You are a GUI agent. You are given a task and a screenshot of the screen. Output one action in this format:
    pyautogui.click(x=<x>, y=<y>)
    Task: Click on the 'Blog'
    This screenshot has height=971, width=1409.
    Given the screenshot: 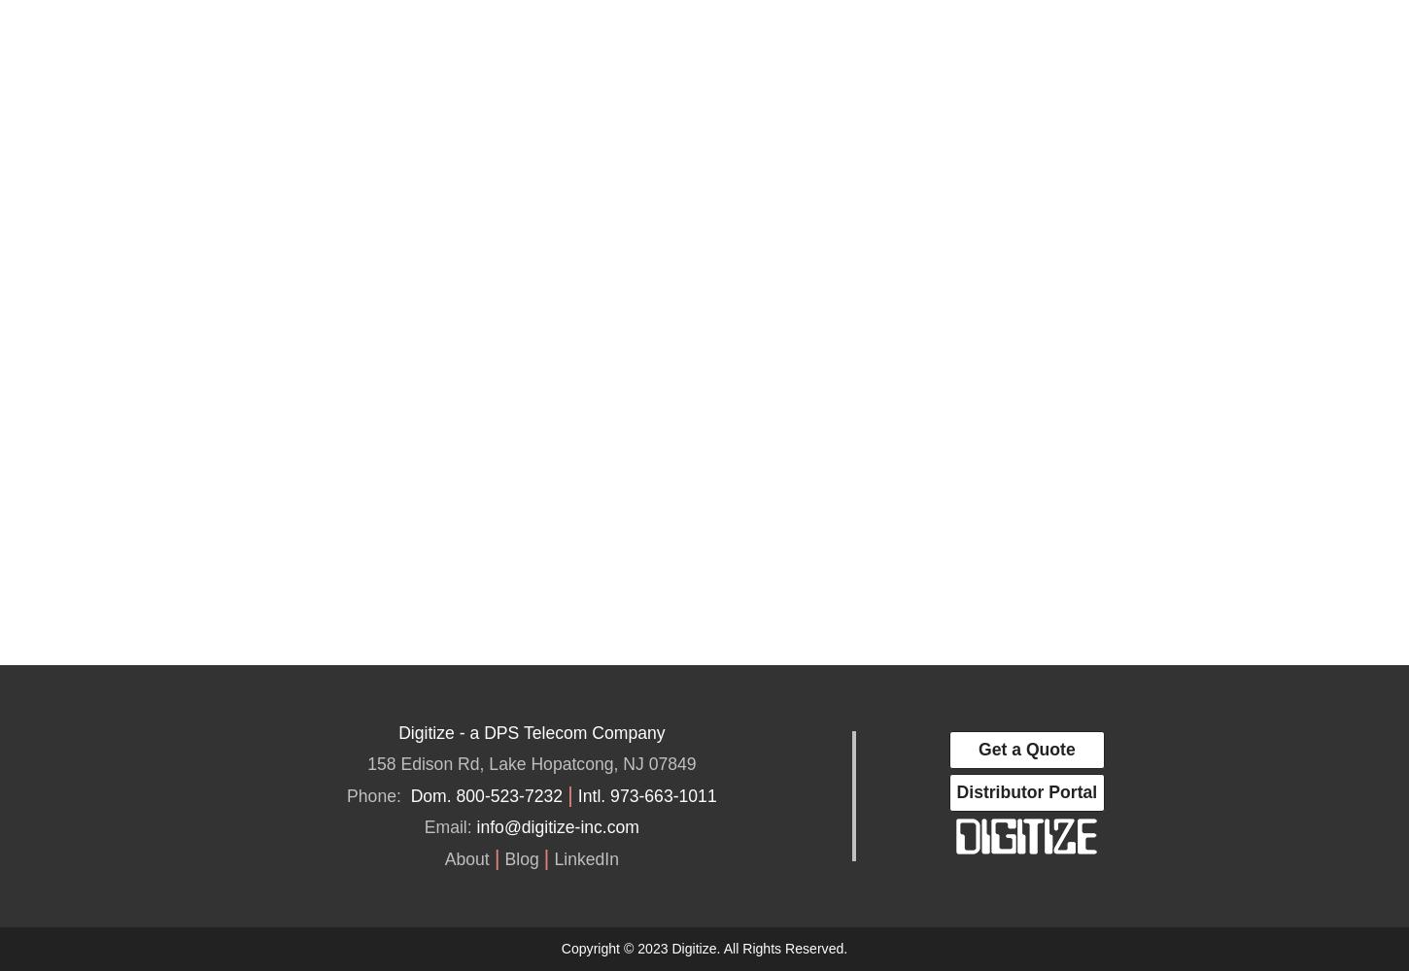 What is the action you would take?
    pyautogui.click(x=521, y=858)
    